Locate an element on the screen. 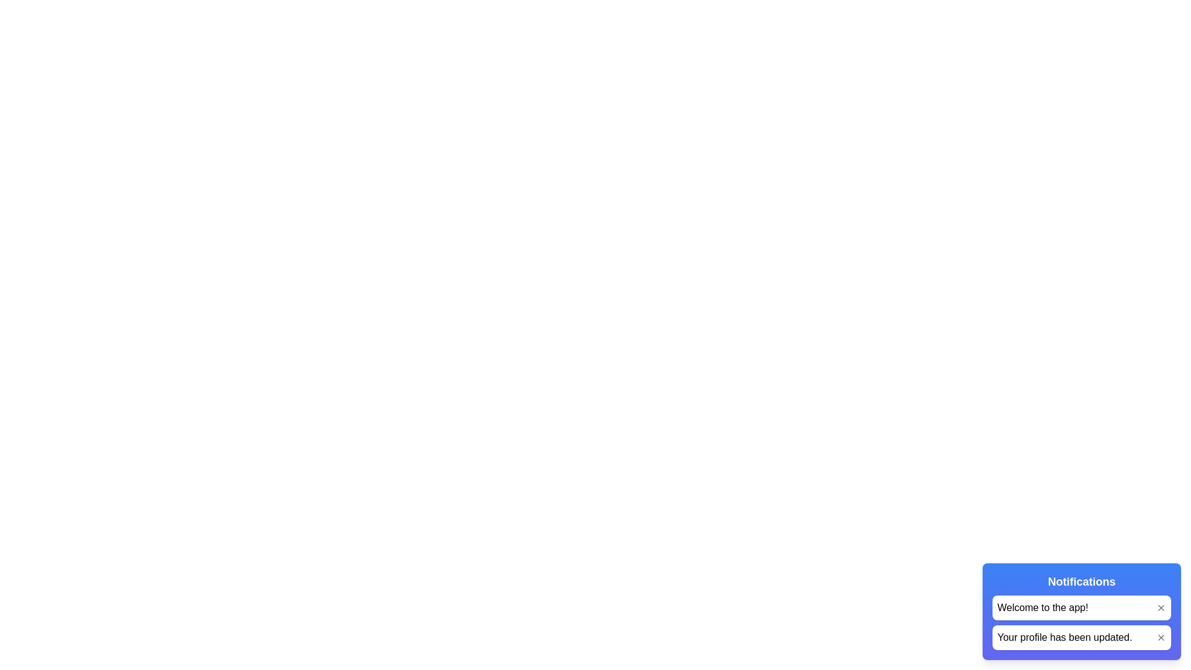 The width and height of the screenshot is (1191, 670). the text label that identifies the purpose of the notification section as 'Notifications' located at the top of the notification card in the bottom-right corner of the interface is located at coordinates (1081, 581).